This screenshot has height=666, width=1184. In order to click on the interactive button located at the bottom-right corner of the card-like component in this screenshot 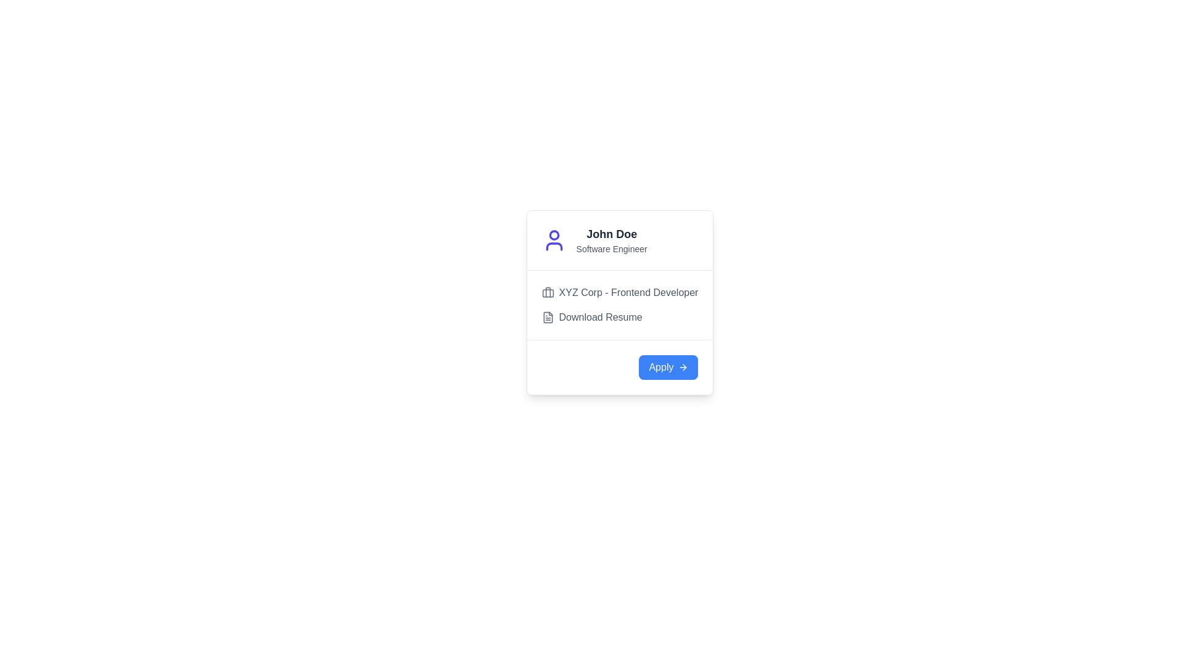, I will do `click(668, 367)`.